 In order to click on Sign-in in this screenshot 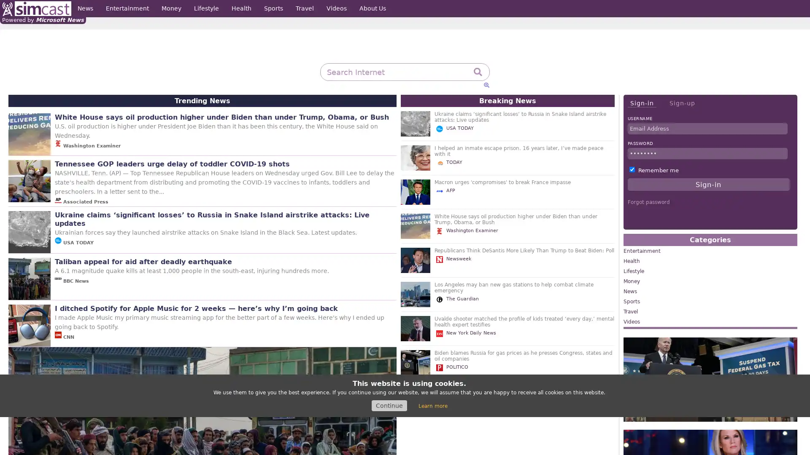, I will do `click(641, 103)`.